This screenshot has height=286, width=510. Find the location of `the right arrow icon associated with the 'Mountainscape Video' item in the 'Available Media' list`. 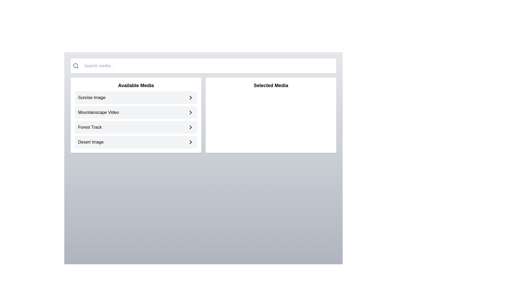

the right arrow icon associated with the 'Mountainscape Video' item in the 'Available Media' list is located at coordinates (191, 98).